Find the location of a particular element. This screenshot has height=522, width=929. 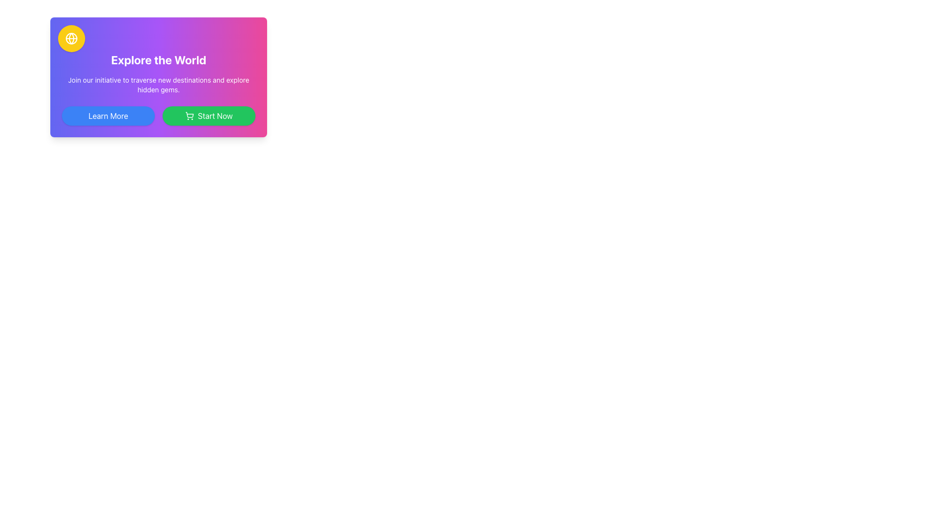

the yellow circular icon located at the top-left corner of the gradient card, which symbolizes global or exploratory themes is located at coordinates (71, 38).